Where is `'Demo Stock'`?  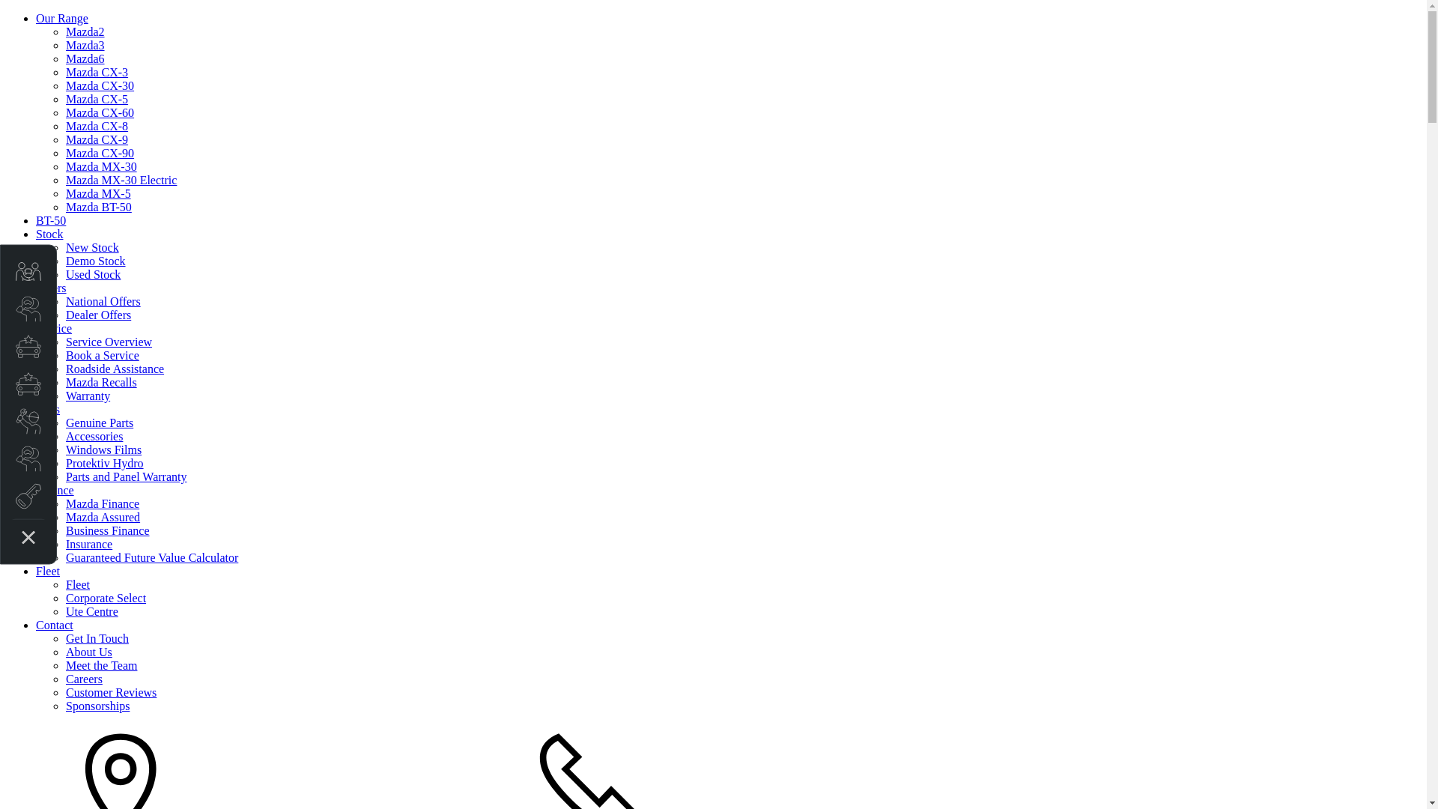 'Demo Stock' is located at coordinates (95, 260).